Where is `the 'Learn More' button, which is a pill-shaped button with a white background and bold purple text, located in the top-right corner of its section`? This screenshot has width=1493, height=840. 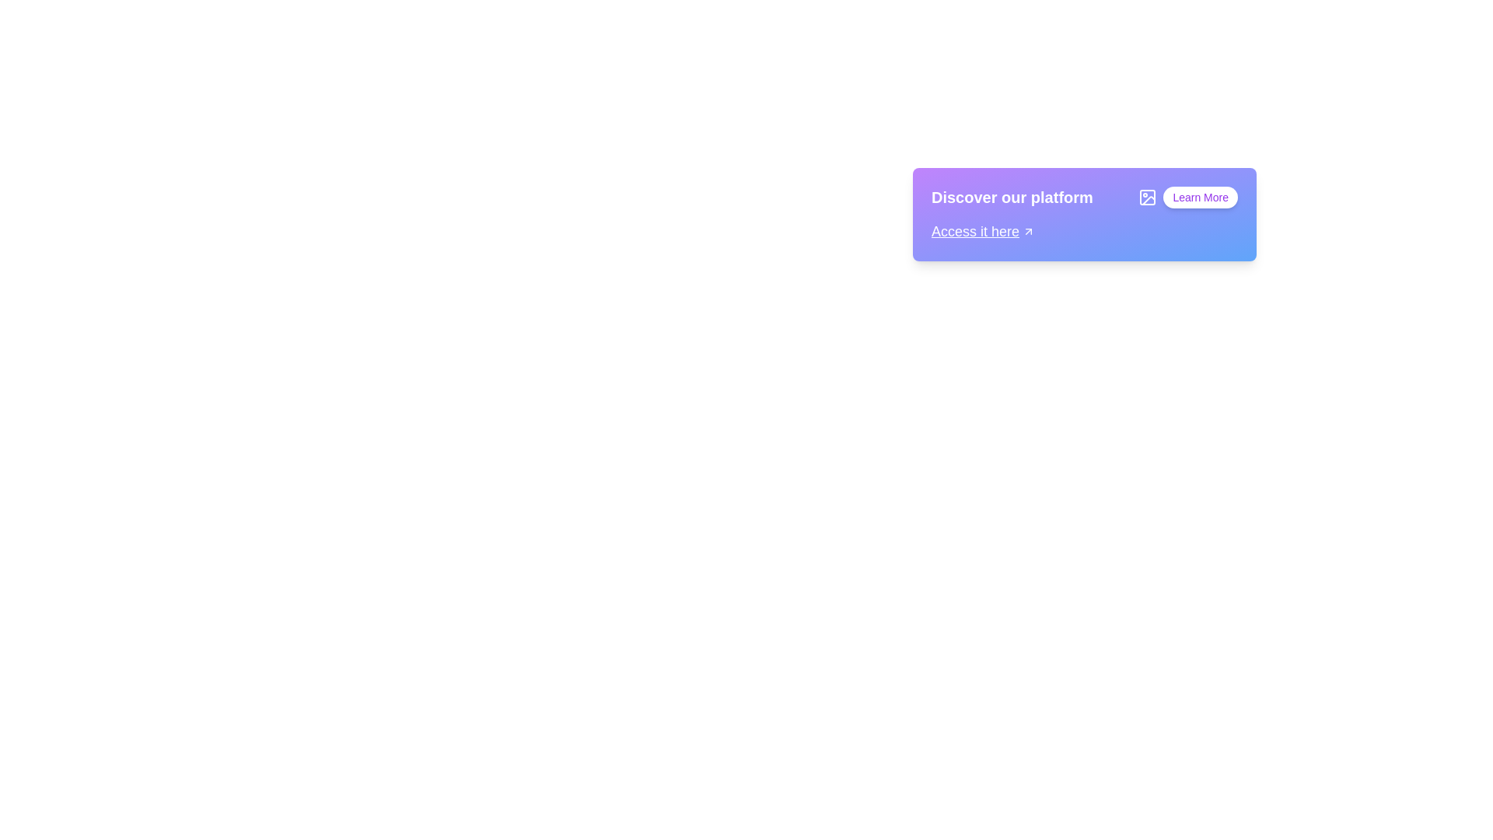 the 'Learn More' button, which is a pill-shaped button with a white background and bold purple text, located in the top-right corner of its section is located at coordinates (1187, 197).